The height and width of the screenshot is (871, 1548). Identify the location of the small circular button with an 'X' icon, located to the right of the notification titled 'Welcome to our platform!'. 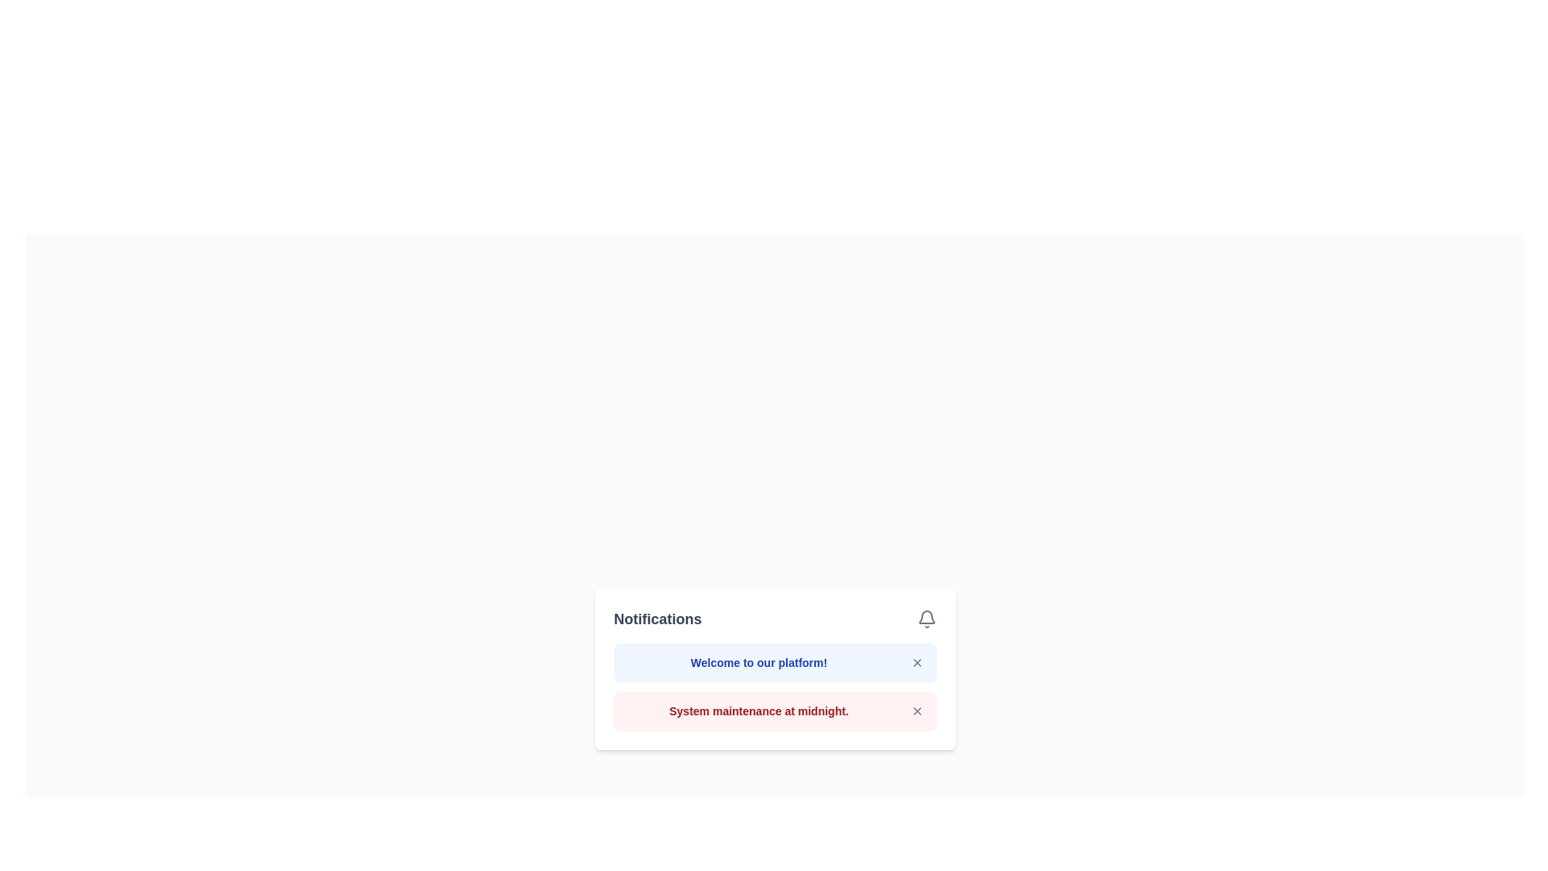
(917, 662).